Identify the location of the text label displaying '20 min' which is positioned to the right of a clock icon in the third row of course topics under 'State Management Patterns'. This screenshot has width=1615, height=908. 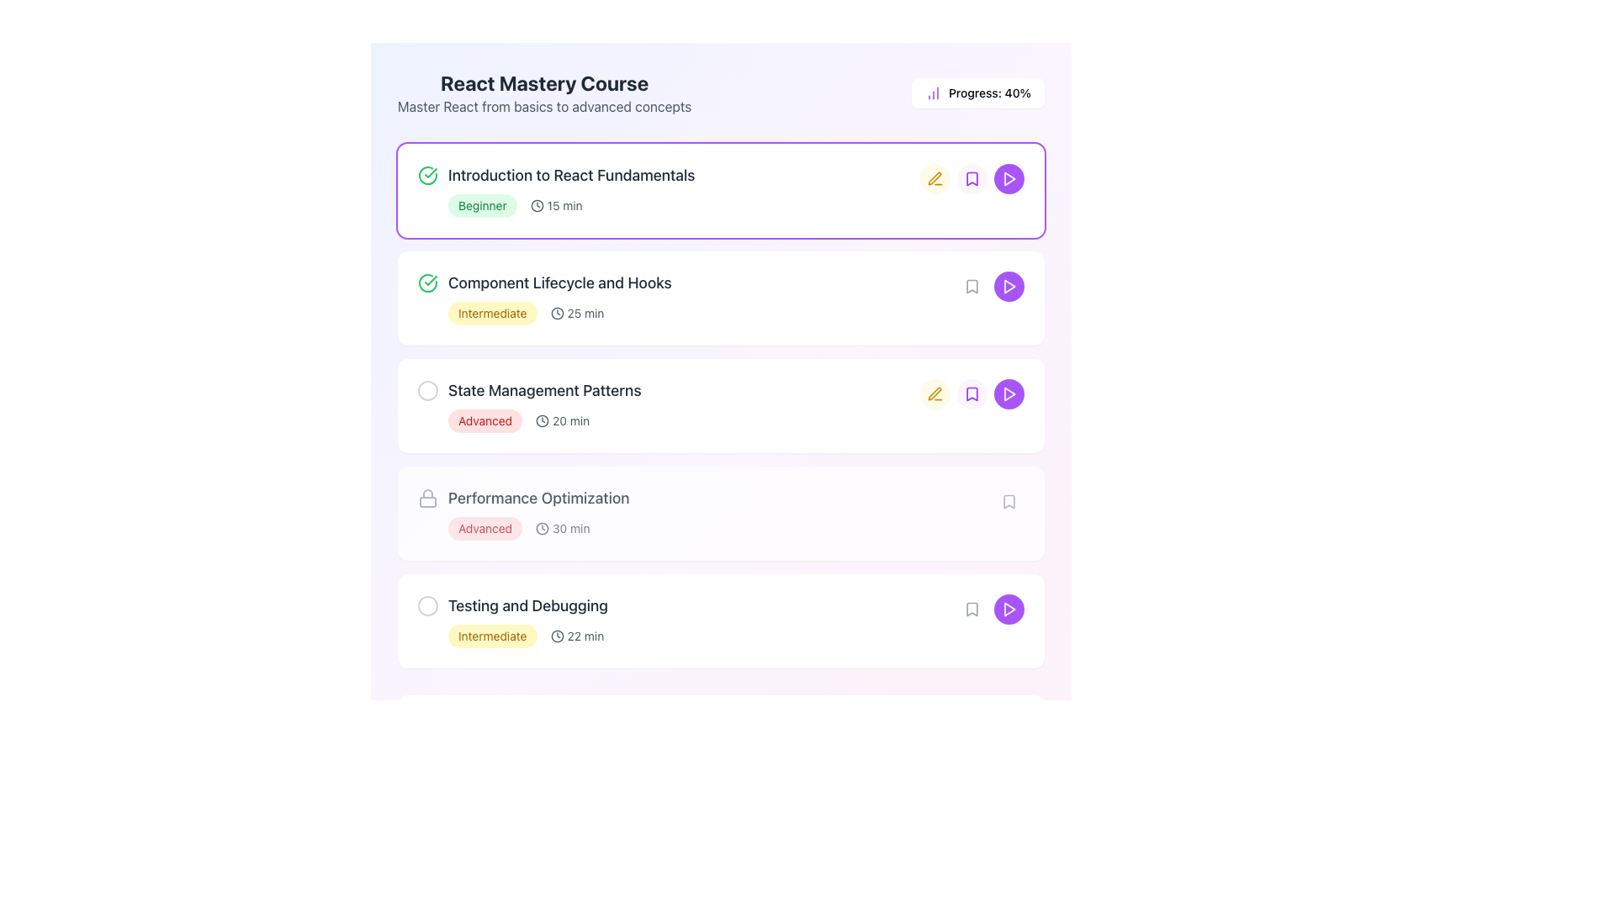
(571, 420).